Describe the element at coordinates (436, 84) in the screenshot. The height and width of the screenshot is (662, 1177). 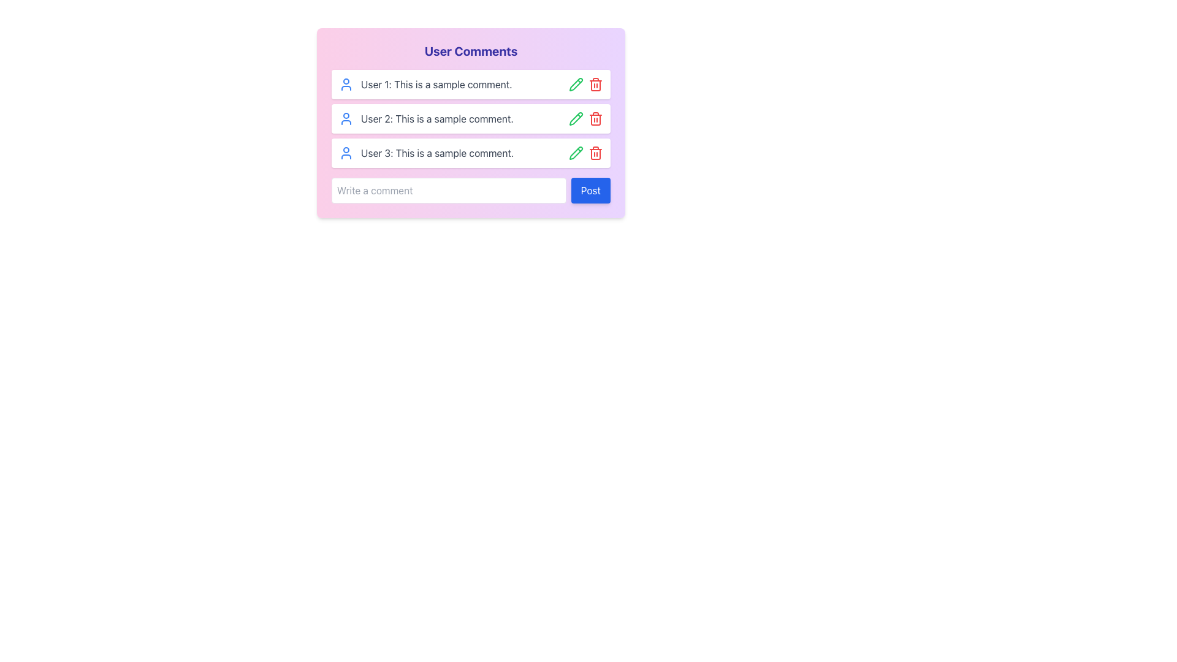
I see `static text element displaying 'User 1: This is a sample comment.' which is the first entry in the comment section, located beneath the title 'User Comments'` at that location.